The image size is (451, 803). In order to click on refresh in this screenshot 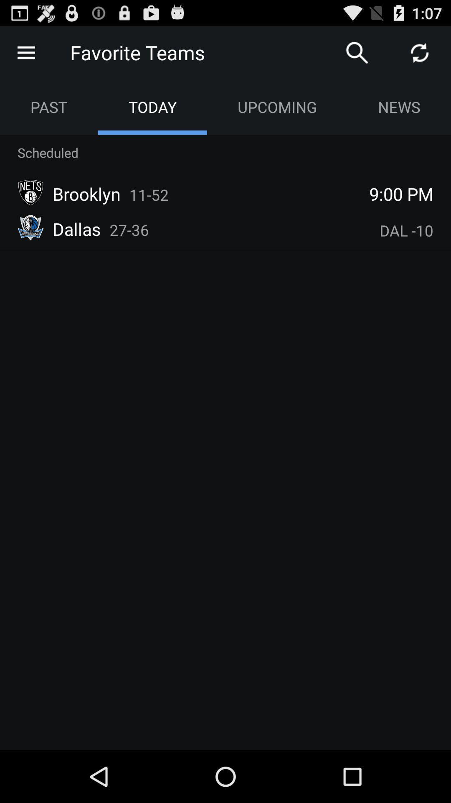, I will do `click(420, 52)`.